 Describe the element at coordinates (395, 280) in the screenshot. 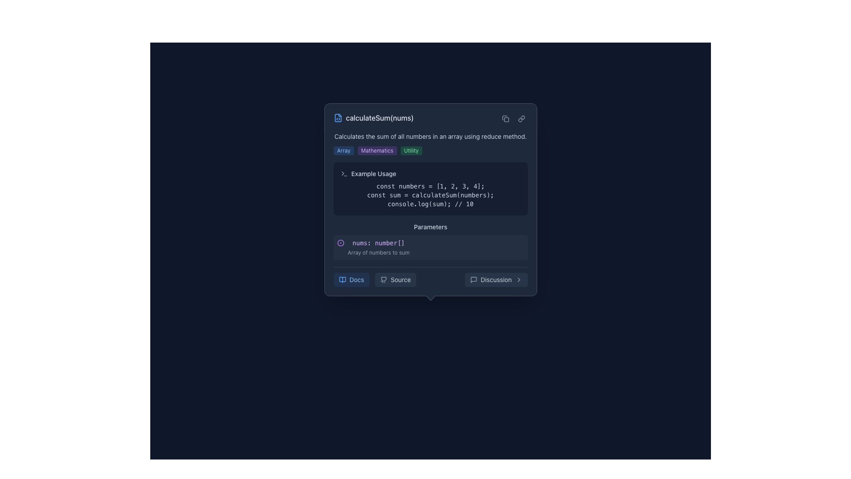

I see `the button located to the right of the 'Docs' button, which provides access to the source code or GitHub repository` at that location.